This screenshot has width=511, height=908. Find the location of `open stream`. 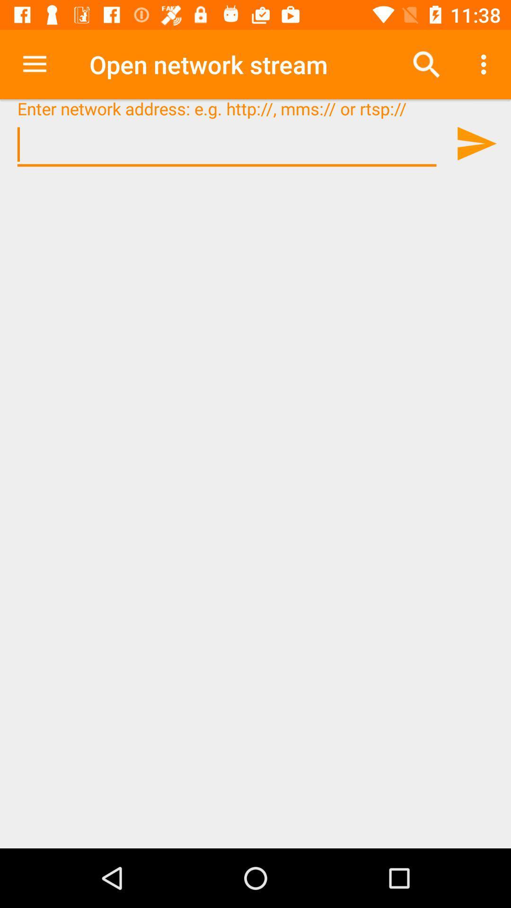

open stream is located at coordinates (476, 143).